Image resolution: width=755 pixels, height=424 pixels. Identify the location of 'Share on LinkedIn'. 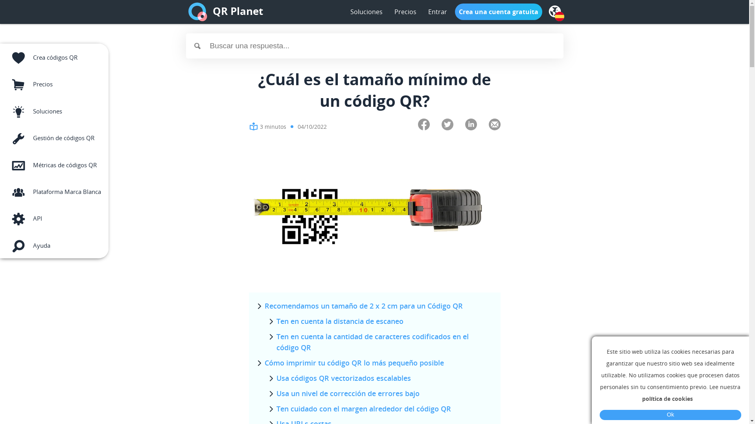
(464, 125).